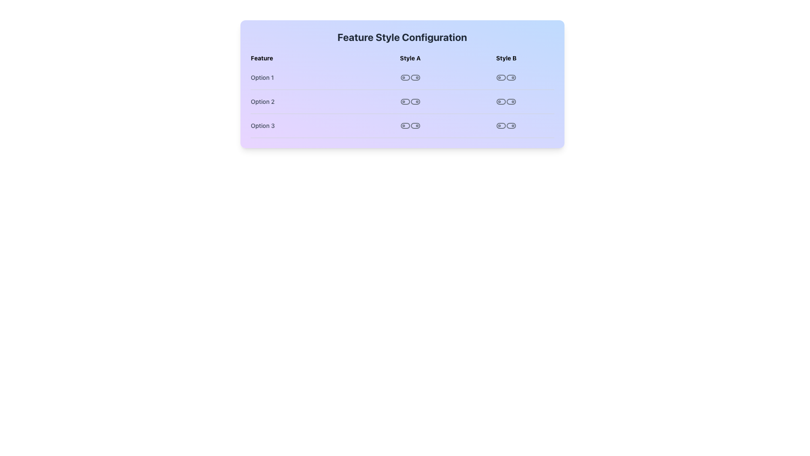 The image size is (810, 456). What do you see at coordinates (501, 101) in the screenshot?
I see `the second toggle switch in the 'Style B' column of the 'Feature Style Configuration' section` at bounding box center [501, 101].